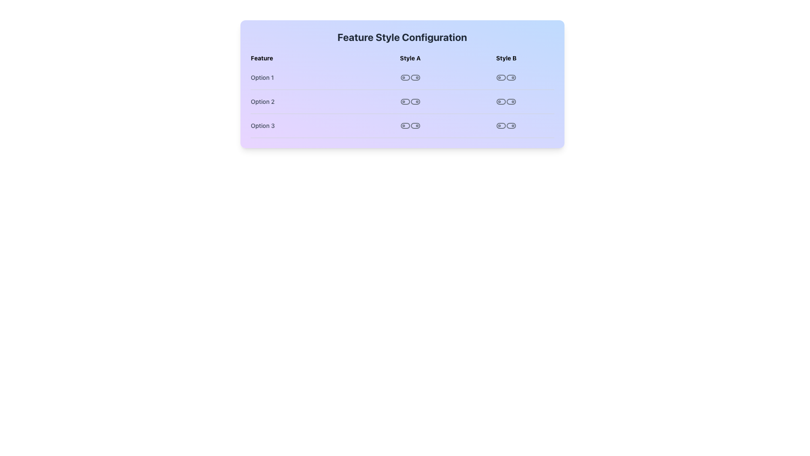 The image size is (810, 456). What do you see at coordinates (501, 101) in the screenshot?
I see `the second toggle switch in the 'Style B' column of the 'Feature Style Configuration' section` at bounding box center [501, 101].